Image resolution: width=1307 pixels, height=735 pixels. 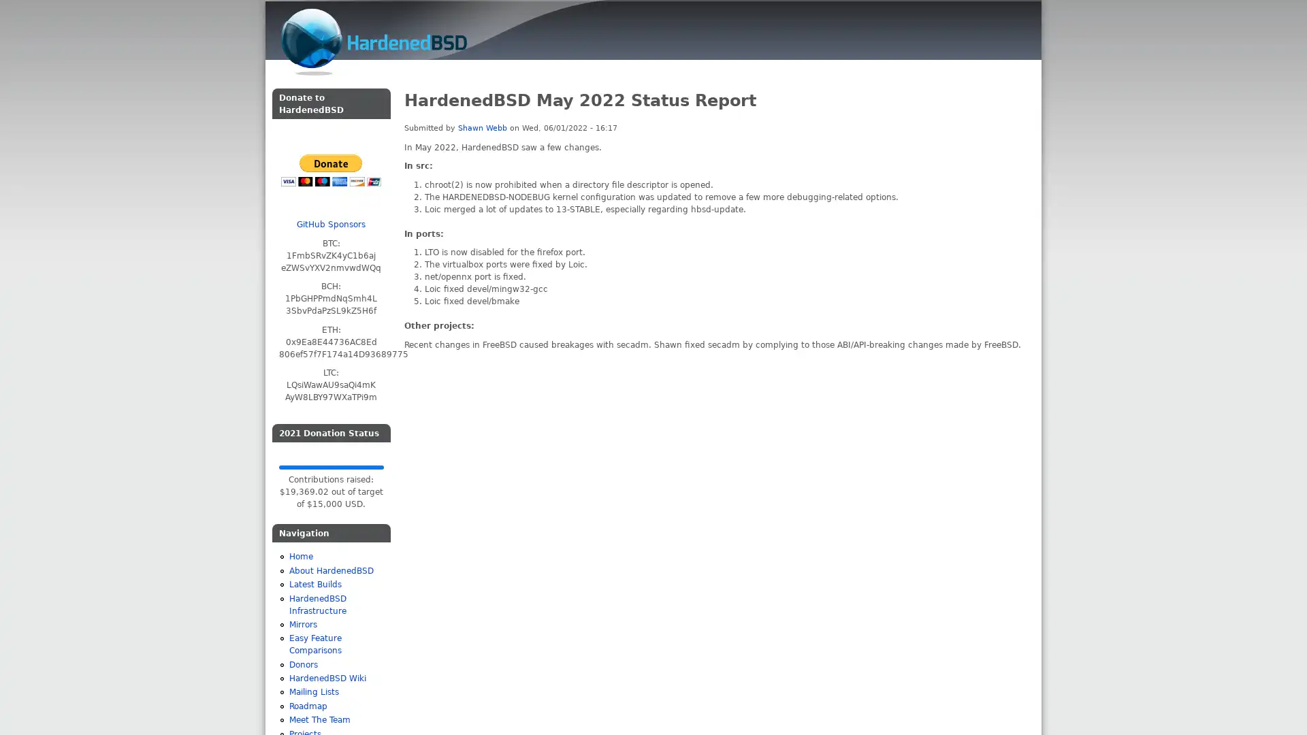 What do you see at coordinates (331, 169) in the screenshot?
I see `PayPal - The safer, easier way to pay online!` at bounding box center [331, 169].